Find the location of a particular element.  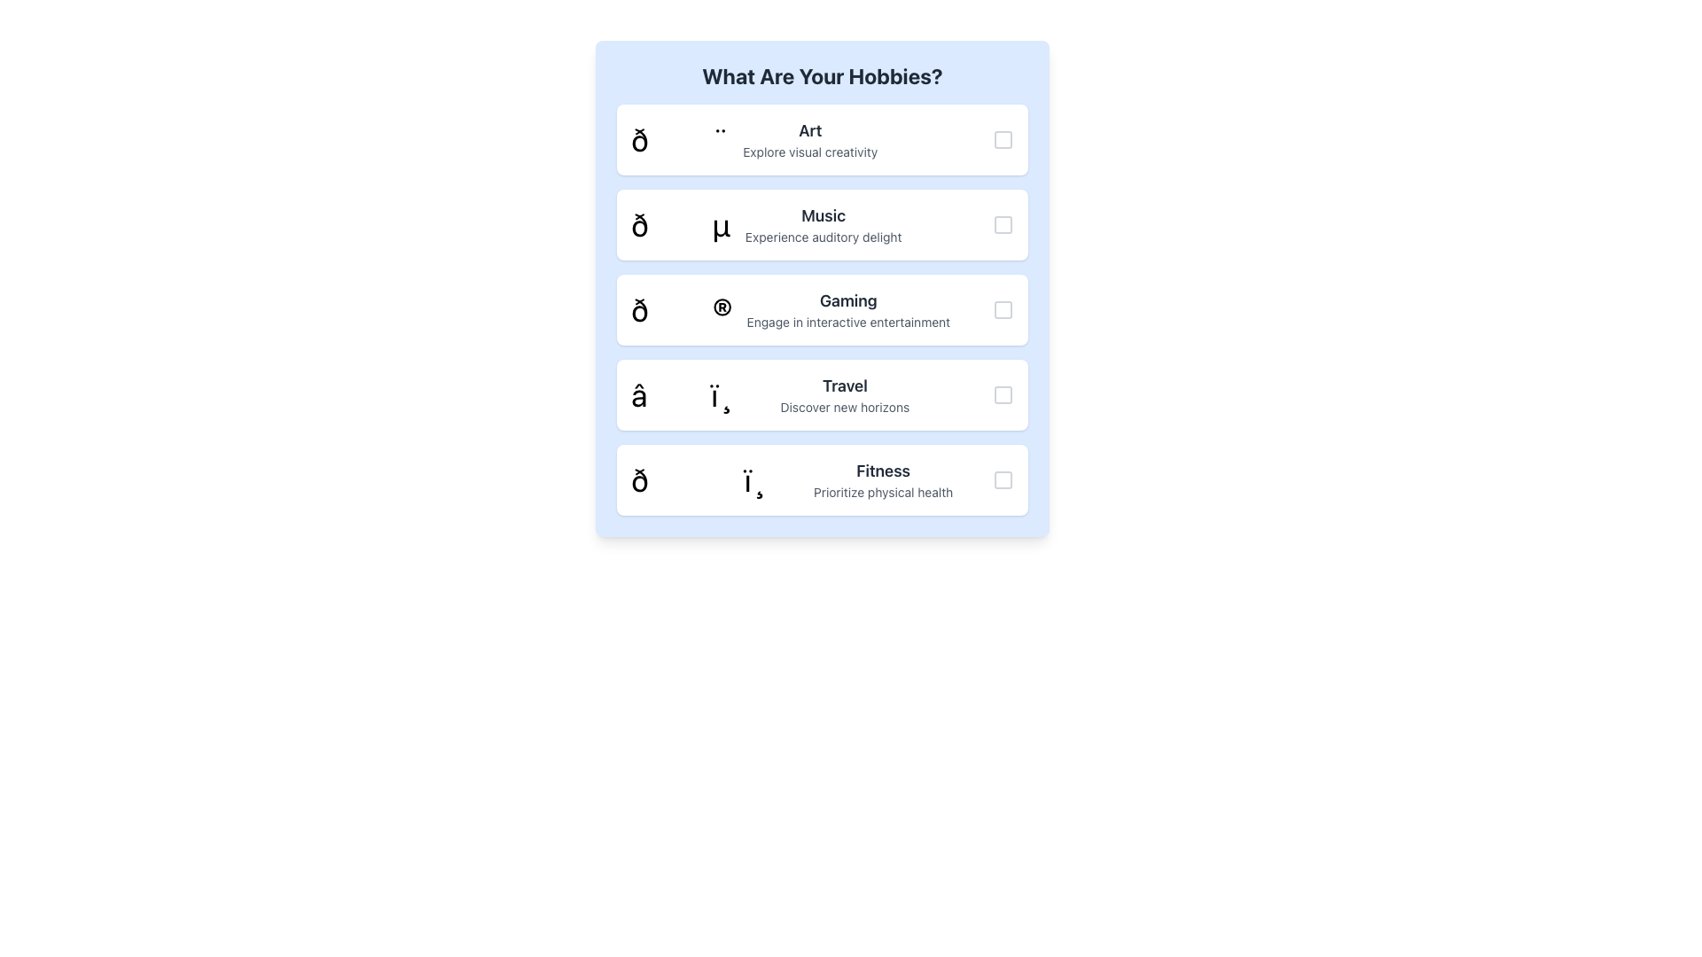

the non-interactive text block that provides a title and description for the activity 'Travel', located within the fourth card under 'What Are Your Hobbies?', positioned between 'Gaming' and 'Fitness' is located at coordinates (844, 394).